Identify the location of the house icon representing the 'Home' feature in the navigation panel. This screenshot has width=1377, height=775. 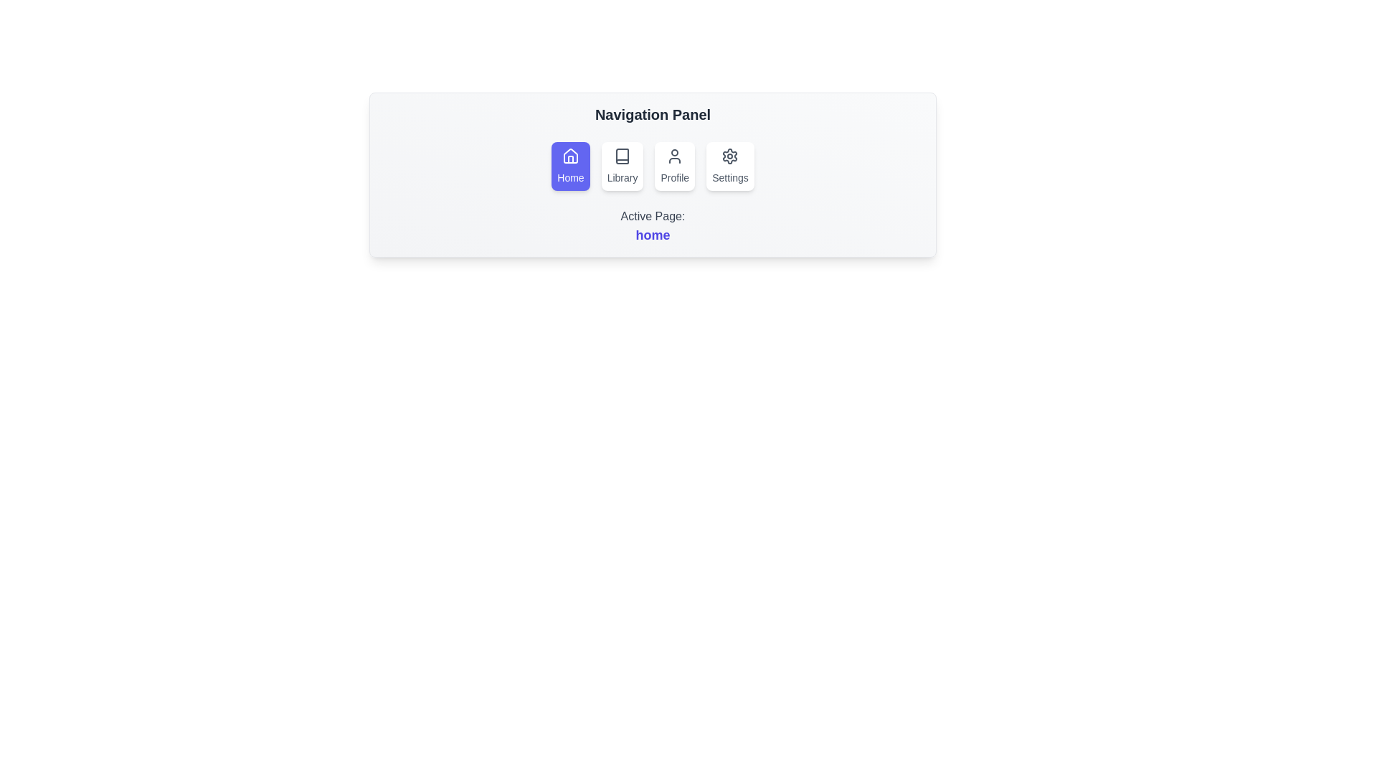
(570, 156).